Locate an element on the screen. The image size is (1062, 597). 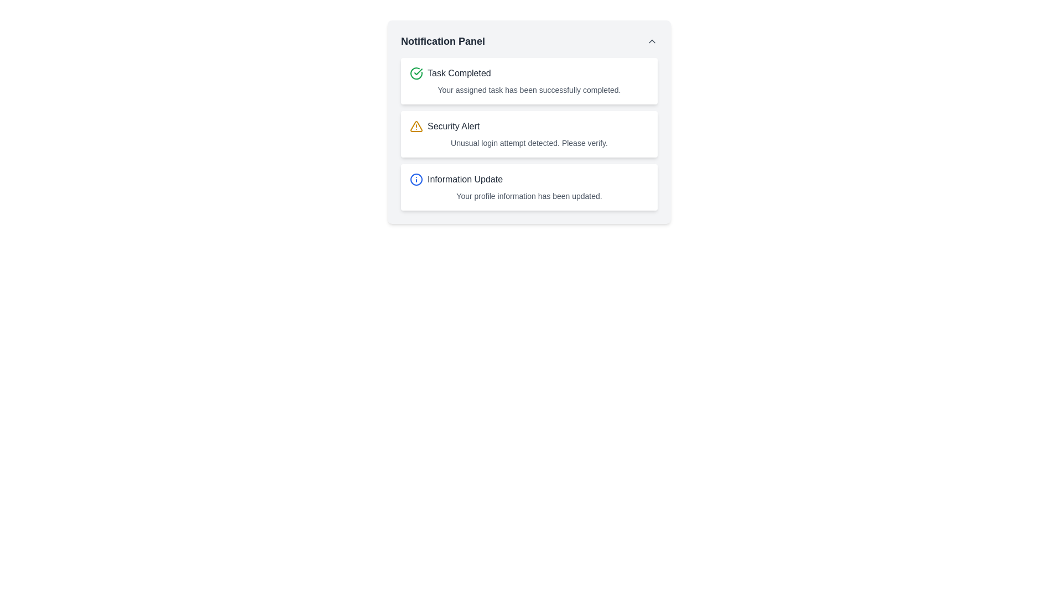
information displayed in the text block containing the message 'Your assigned task has been successfully completed.' which is located directly below the heading 'Task Completed' in the notification card is located at coordinates (528, 89).